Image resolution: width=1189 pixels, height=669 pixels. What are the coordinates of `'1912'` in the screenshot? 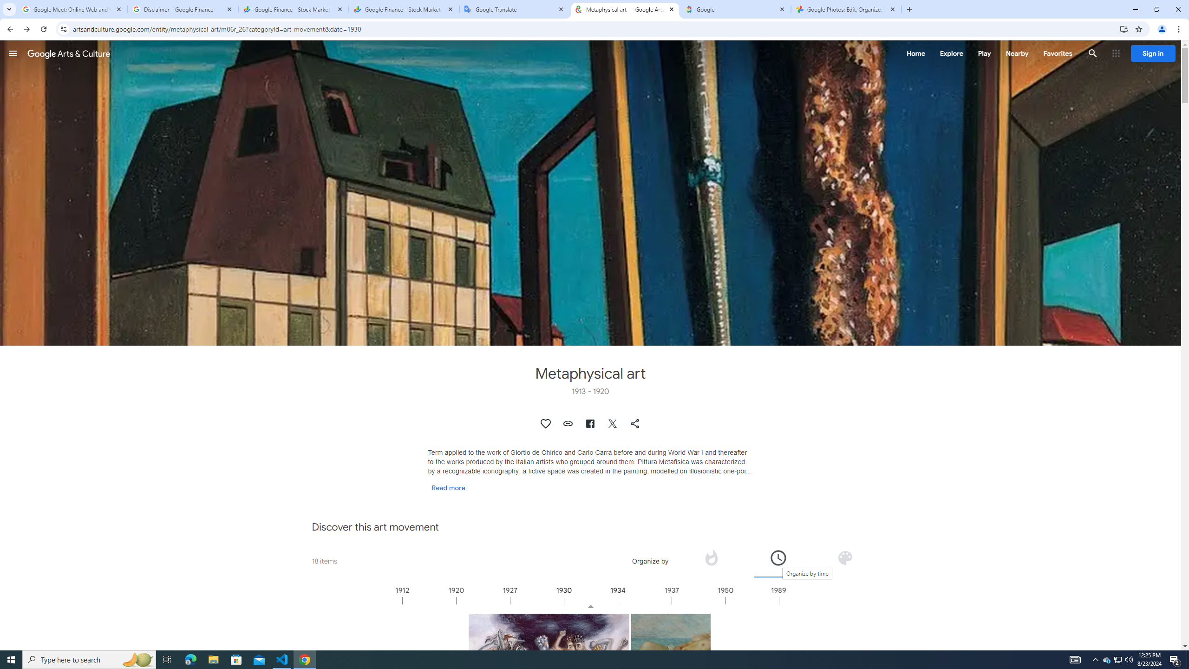 It's located at (429, 600).